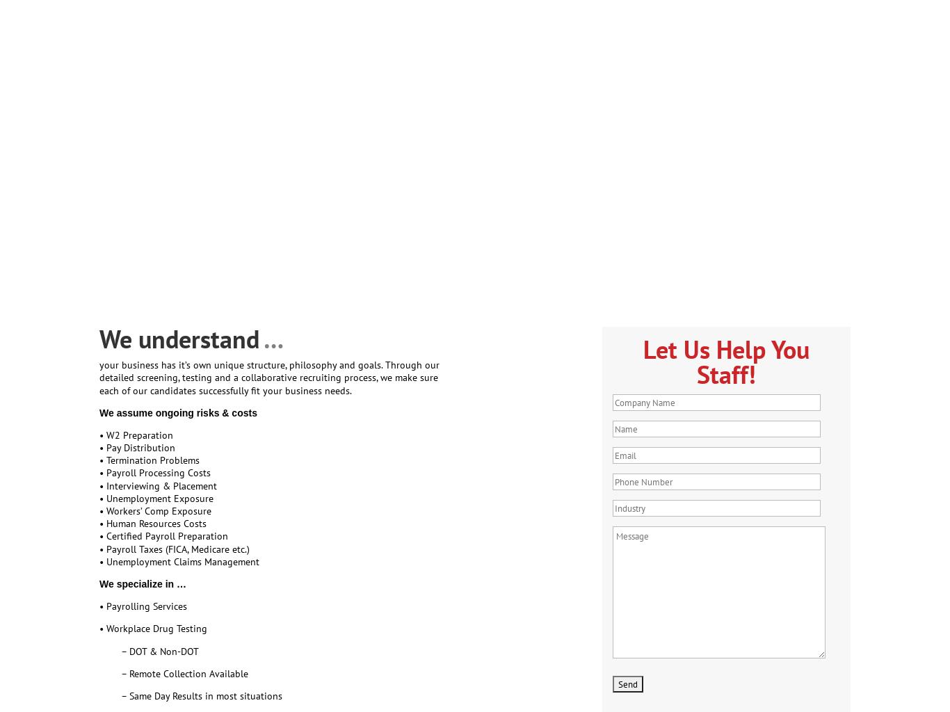 The image size is (950, 712). I want to click on '• Certified Payroll Preparation', so click(163, 535).